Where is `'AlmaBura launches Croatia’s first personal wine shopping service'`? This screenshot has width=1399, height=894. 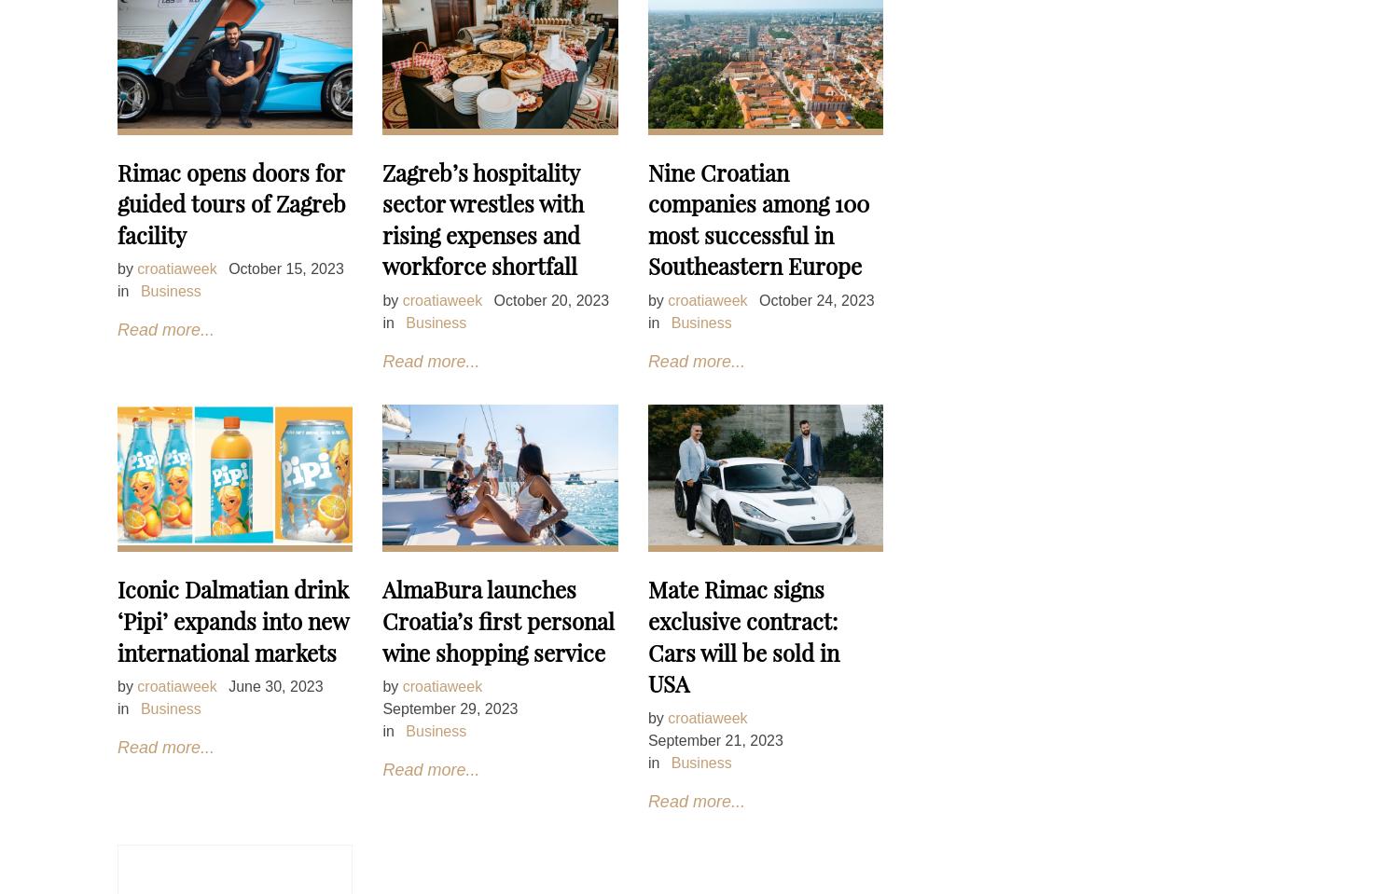 'AlmaBura launches Croatia’s first personal wine shopping service' is located at coordinates (381, 620).